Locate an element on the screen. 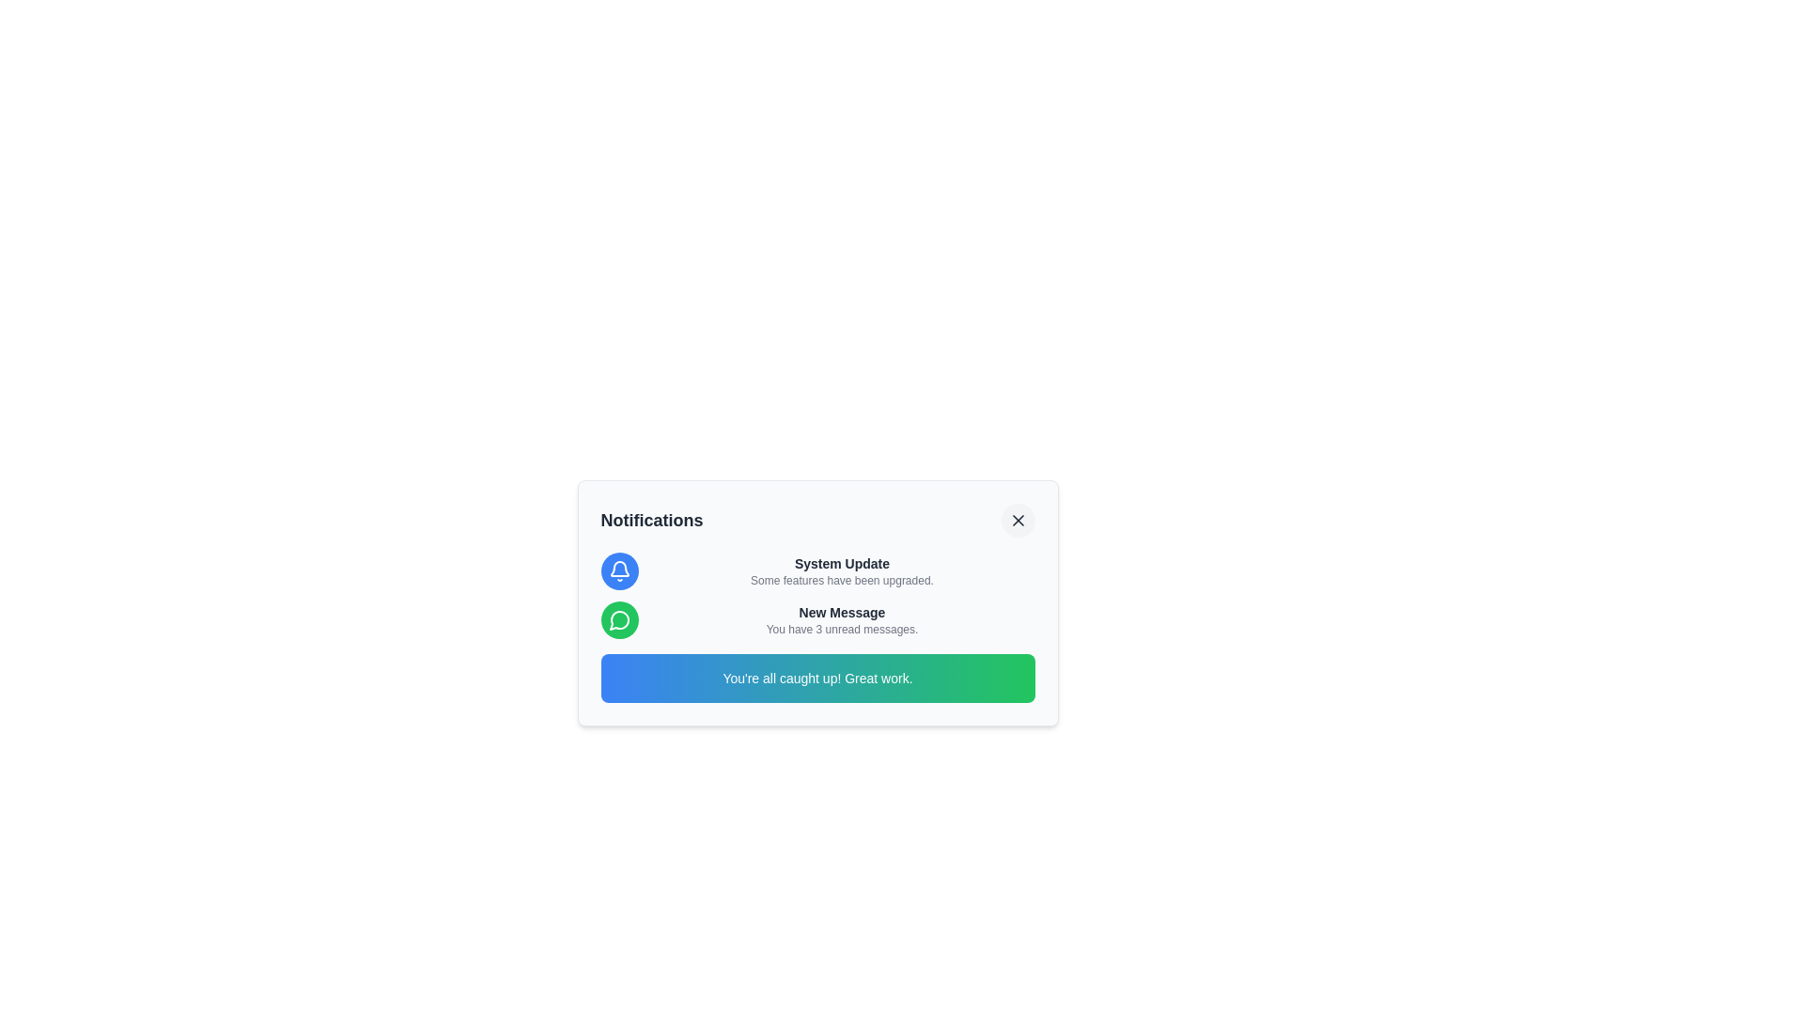  the cross-shaped icon resembling an 'X' with a black stroke is located at coordinates (1017, 521).